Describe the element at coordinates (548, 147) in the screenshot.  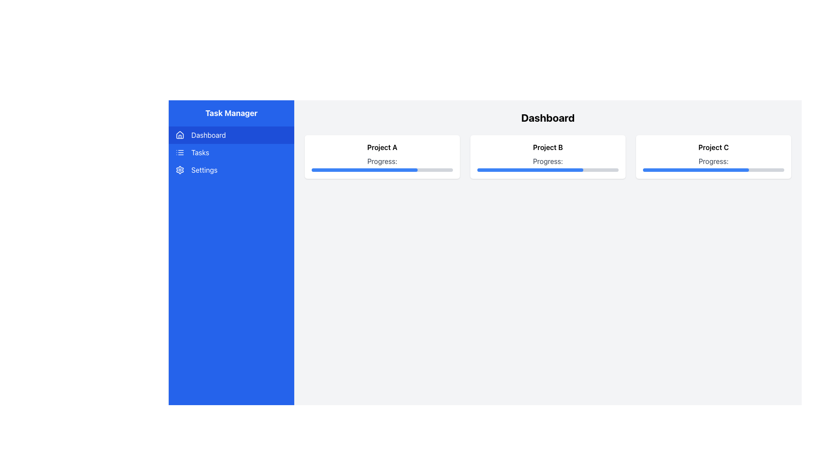
I see `text label that displays 'Project B', which is styled in bold font and located within a card component in the second column of a three-card layout` at that location.